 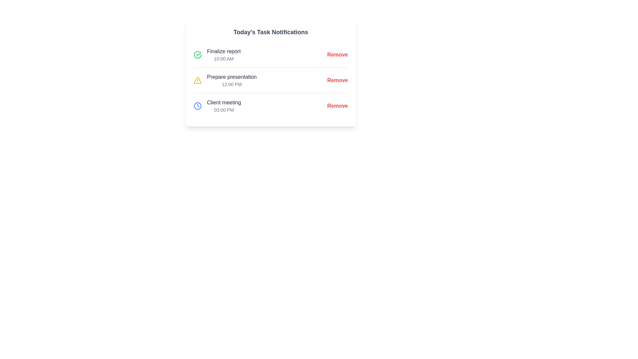 I want to click on the 'Remove' button associated with the task 'Client meeting' positioned in the bottommost row, so click(x=337, y=106).